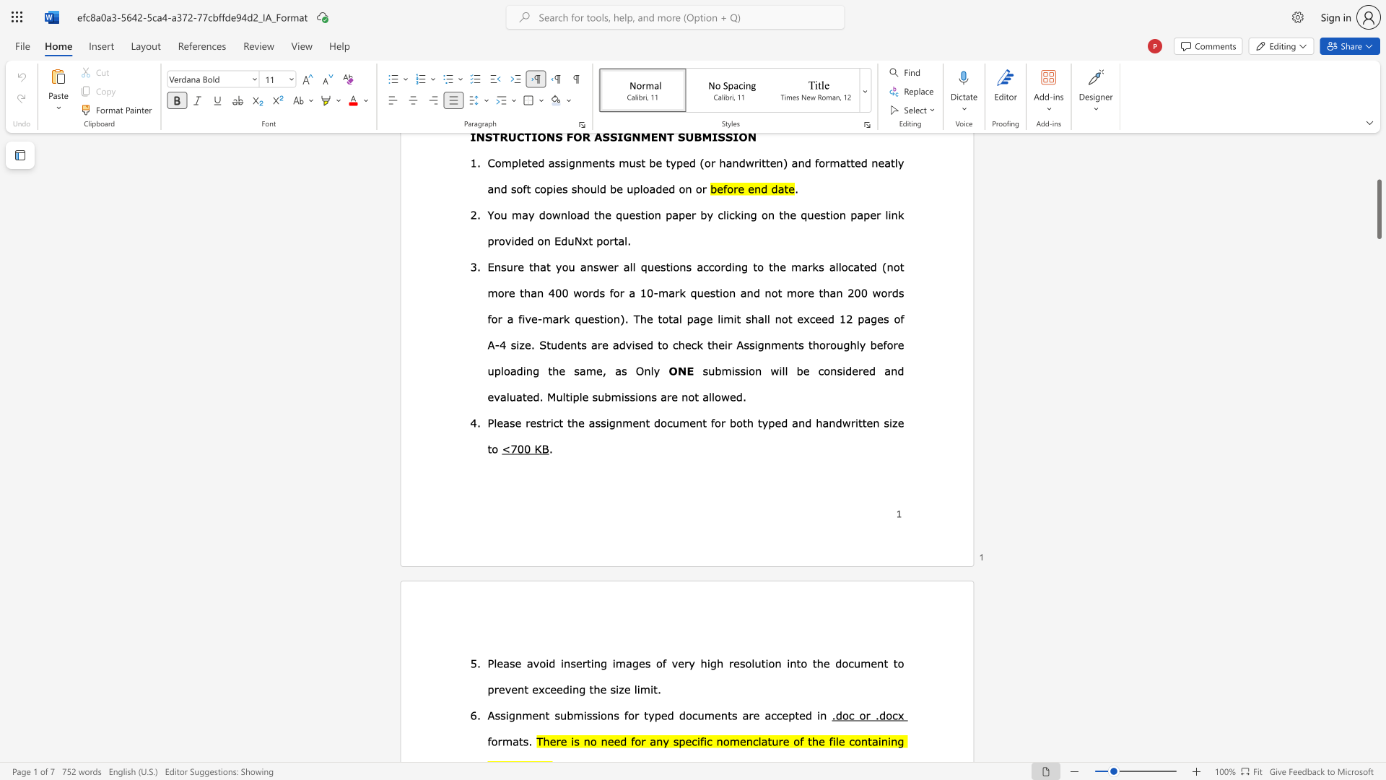  I want to click on the scrollbar and move up 500 pixels, so click(1378, 209).